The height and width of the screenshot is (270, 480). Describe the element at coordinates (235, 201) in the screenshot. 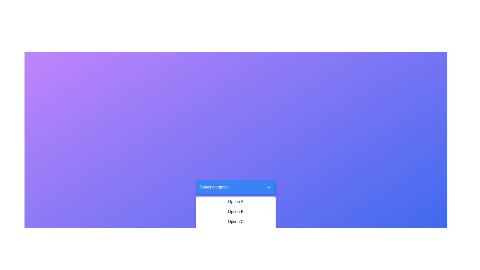

I see `the first option labeled 'Option A' in the dropdown menu` at that location.